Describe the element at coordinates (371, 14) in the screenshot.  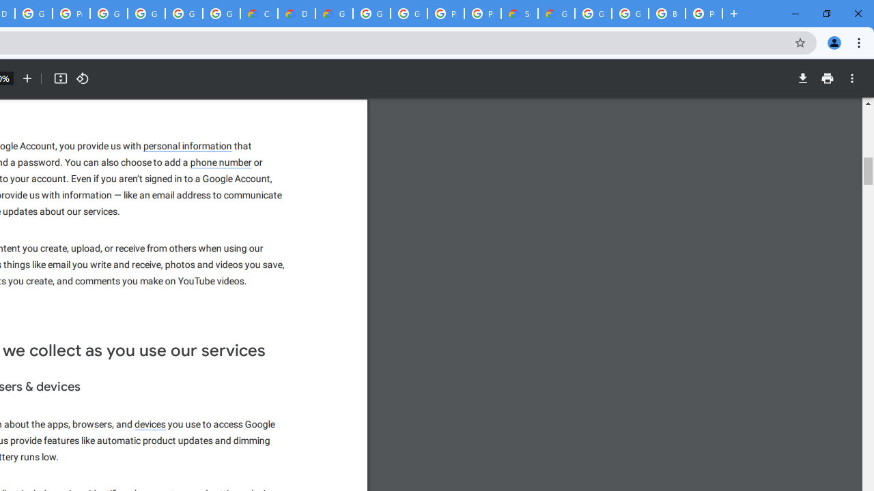
I see `'Google Cloud Platform'` at that location.